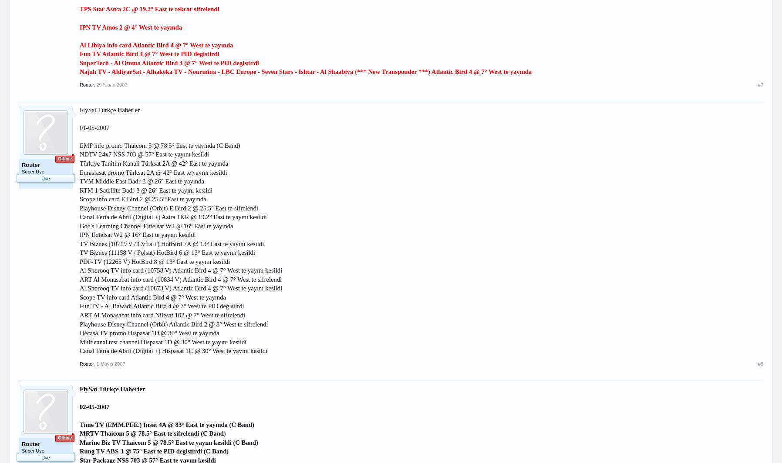 The width and height of the screenshot is (782, 463). I want to click on 'Scope info card E.Bird 2 @ 25.5° East te yayında', so click(142, 198).